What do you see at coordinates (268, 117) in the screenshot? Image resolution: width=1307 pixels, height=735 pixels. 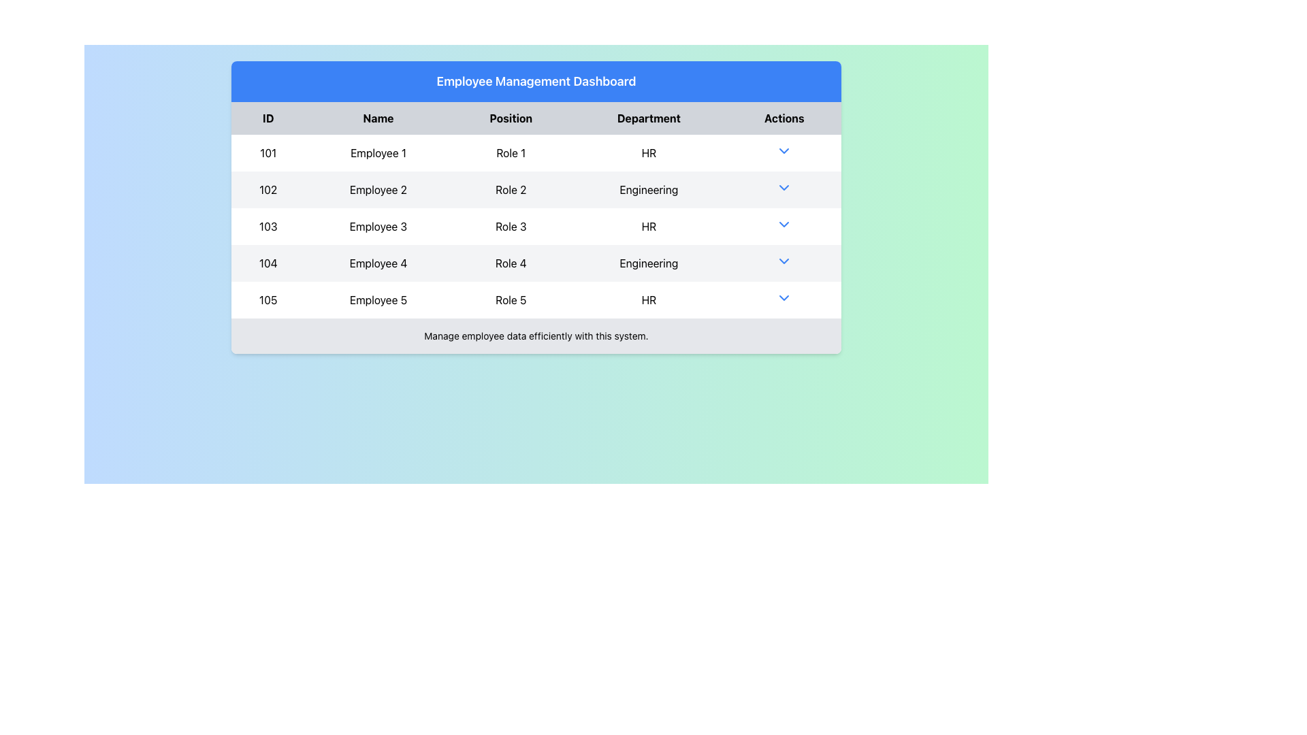 I see `the 'ID' column header label, which is located at the top left of the title row containing multiple labeled columns such as 'Name', 'Position', and 'Department'` at bounding box center [268, 117].